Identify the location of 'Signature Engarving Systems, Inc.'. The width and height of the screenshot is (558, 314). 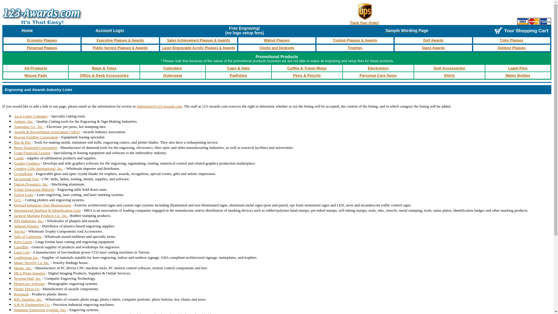
(40, 309).